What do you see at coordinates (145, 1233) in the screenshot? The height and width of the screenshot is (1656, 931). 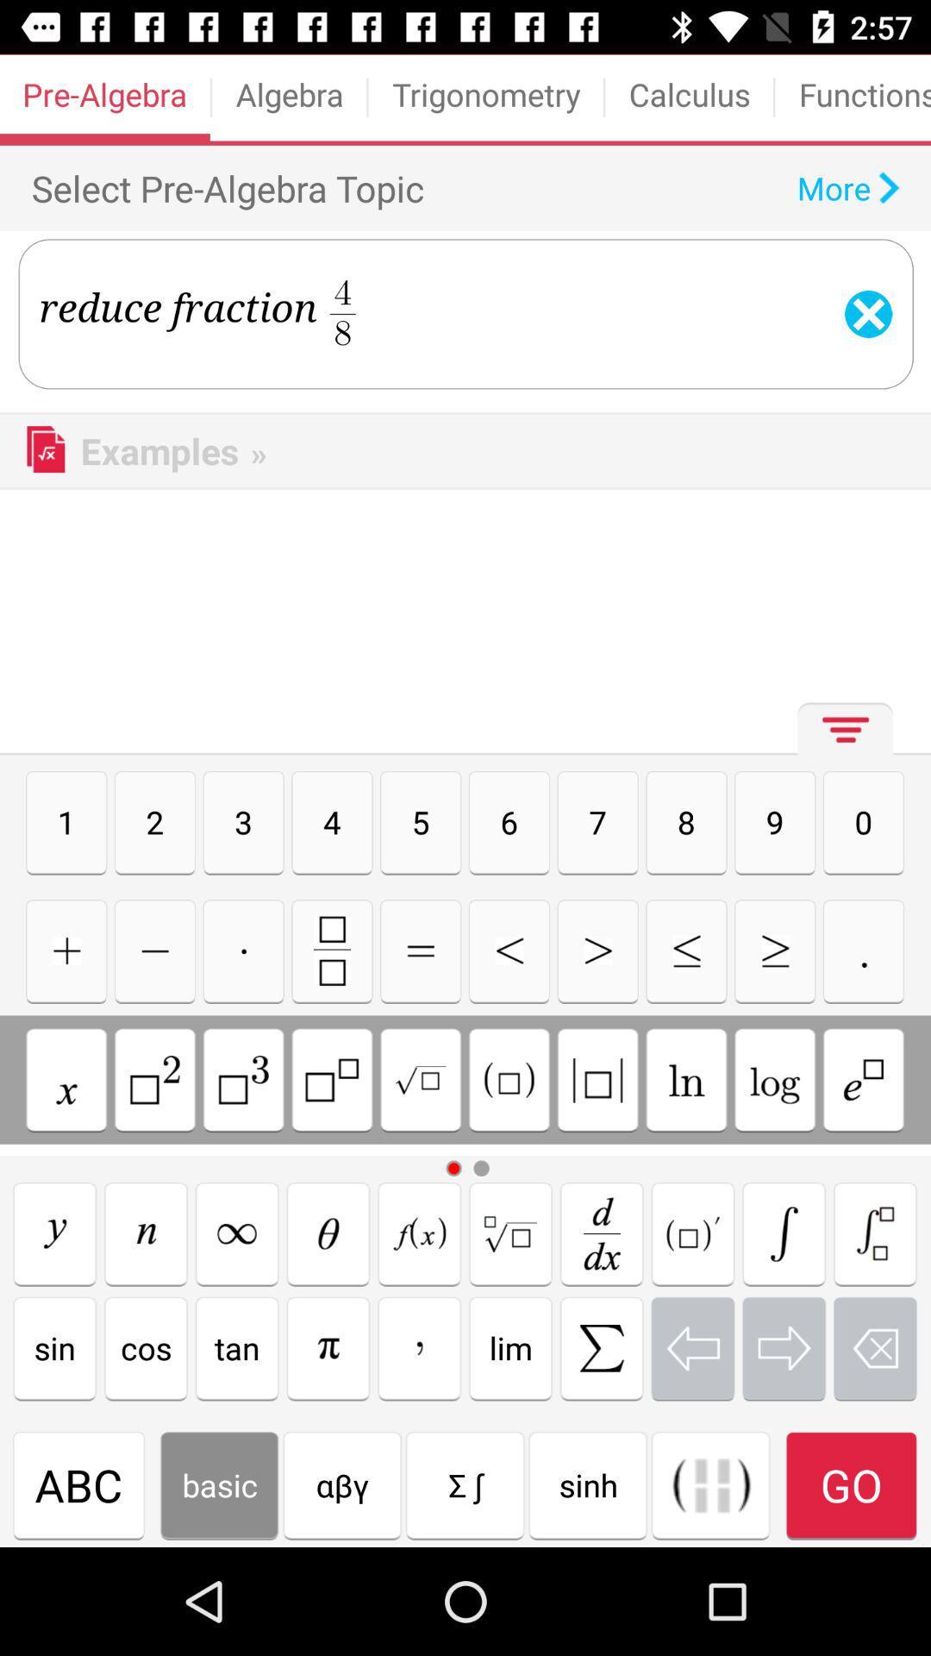 I see `use this math function` at bounding box center [145, 1233].